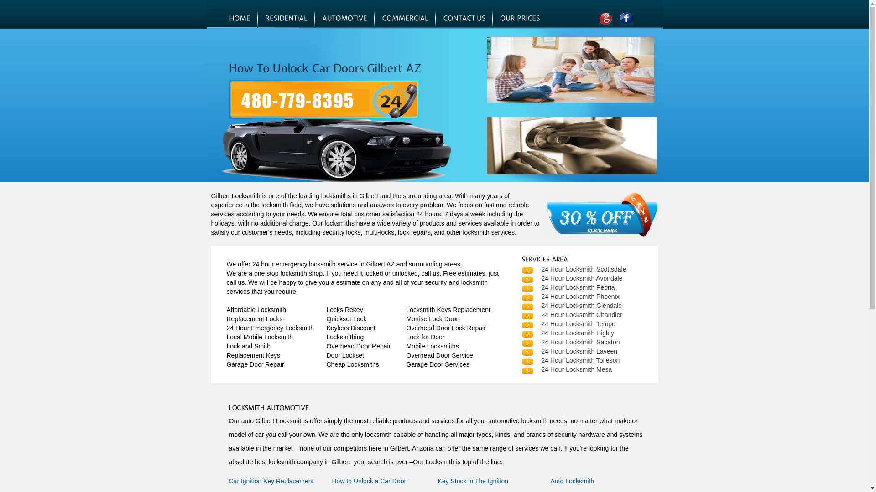 Image resolution: width=876 pixels, height=492 pixels. I want to click on 'Affordable Locksmith', so click(255, 309).